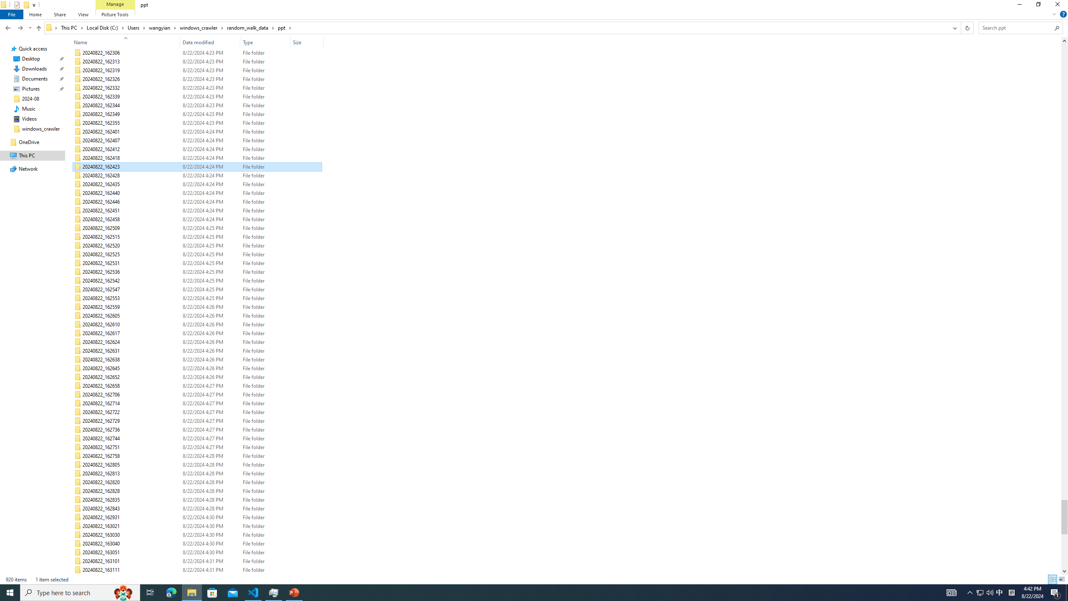  Describe the element at coordinates (210, 42) in the screenshot. I see `'Date modified'` at that location.